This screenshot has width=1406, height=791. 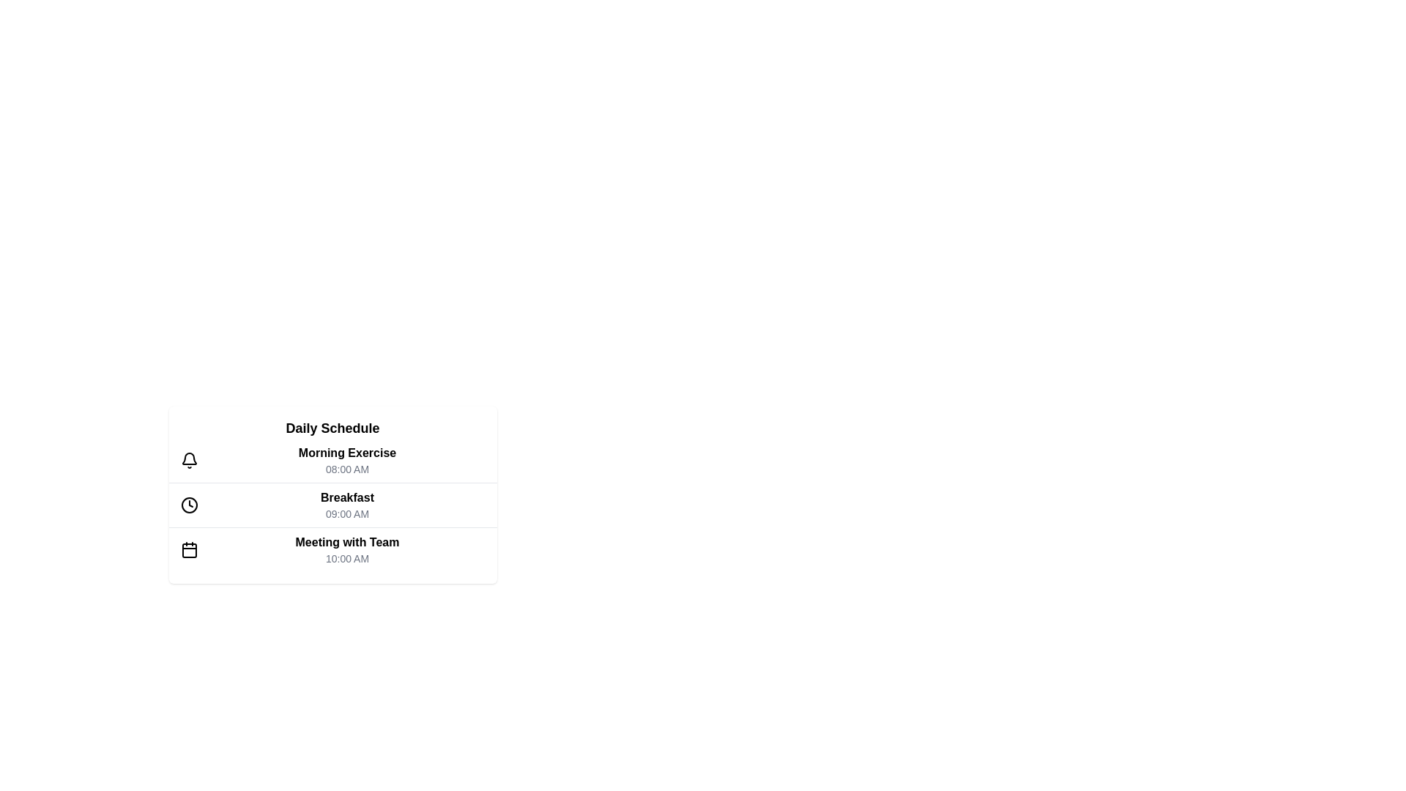 What do you see at coordinates (346, 542) in the screenshot?
I see `static text label titled 'Meeting with Team', which is located below 'Breakfast' and above '10:00 AM' in the third row of events in the 'Daily Schedule' card` at bounding box center [346, 542].